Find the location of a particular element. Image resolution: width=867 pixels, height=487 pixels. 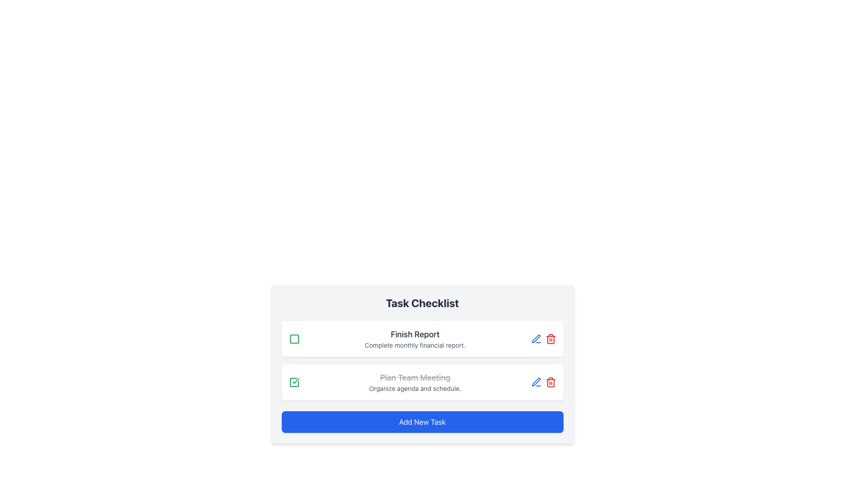

the Text label displaying 'Plan Team Meeting' which indicates a completed task in the checklist is located at coordinates (415, 377).